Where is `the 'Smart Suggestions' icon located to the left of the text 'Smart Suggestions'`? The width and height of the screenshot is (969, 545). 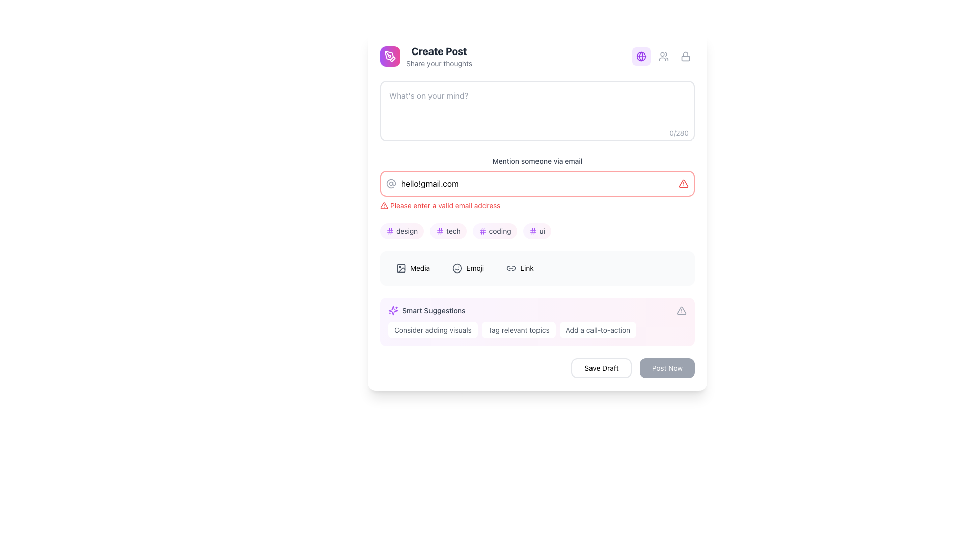 the 'Smart Suggestions' icon located to the left of the text 'Smart Suggestions' is located at coordinates (392, 310).